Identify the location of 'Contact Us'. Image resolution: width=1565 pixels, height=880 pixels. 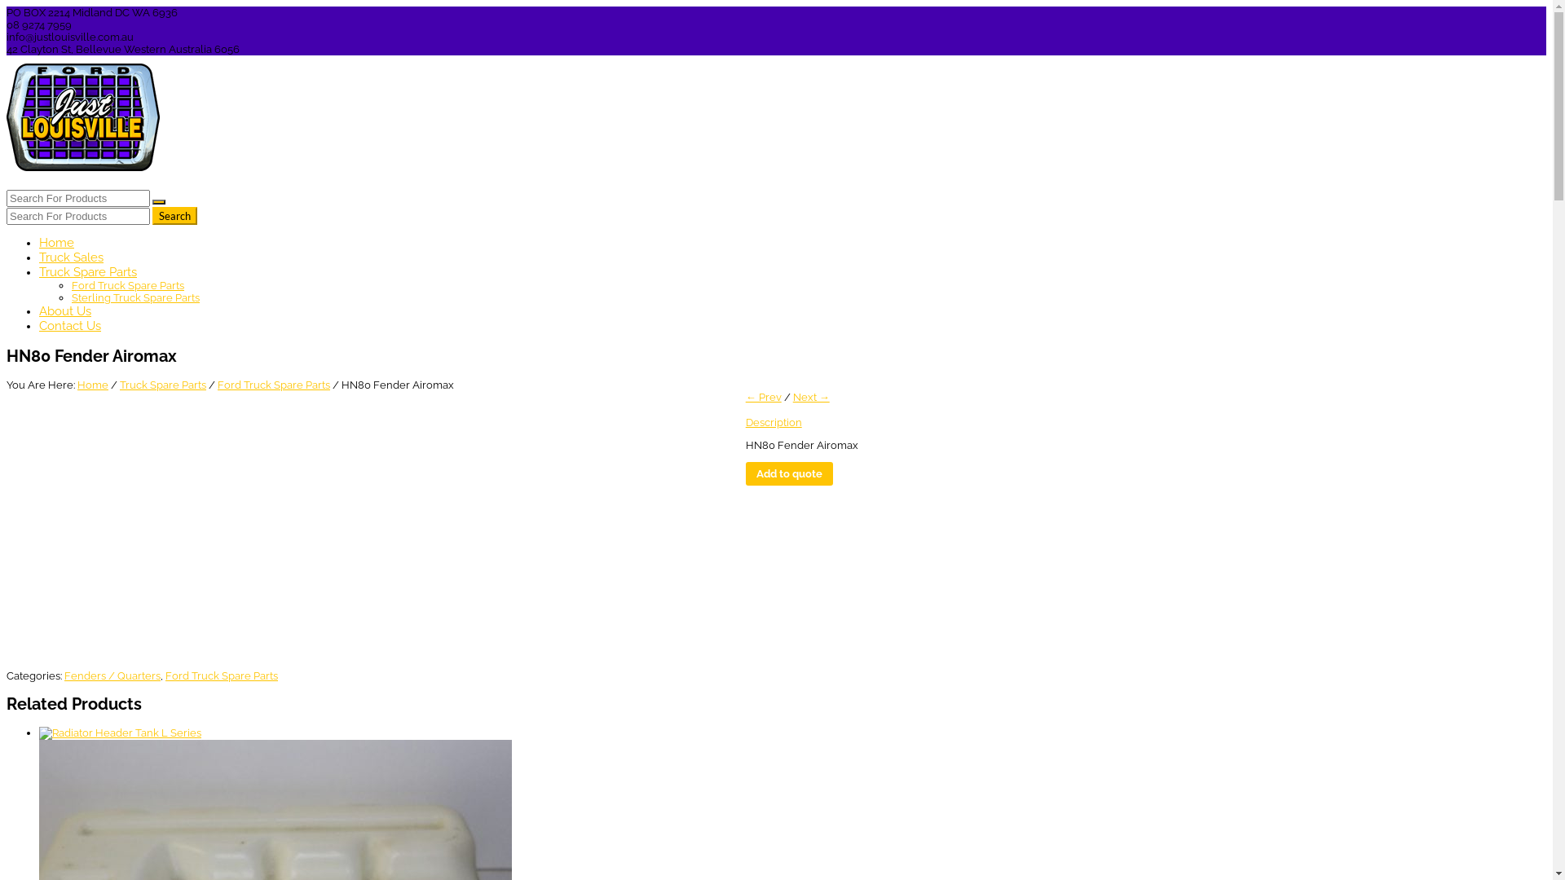
(69, 326).